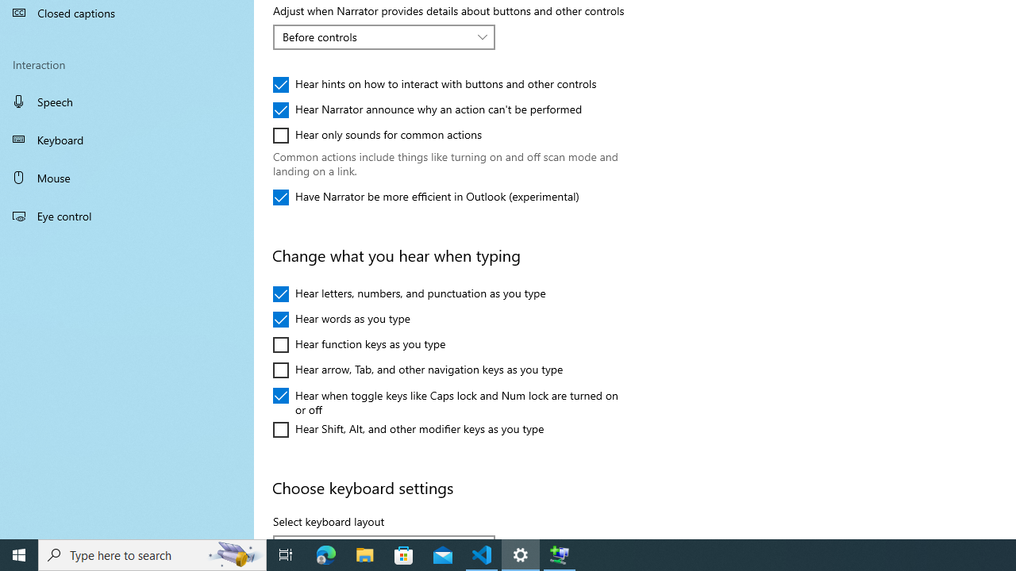 This screenshot has width=1016, height=571. What do you see at coordinates (375, 36) in the screenshot?
I see `'Before controls'` at bounding box center [375, 36].